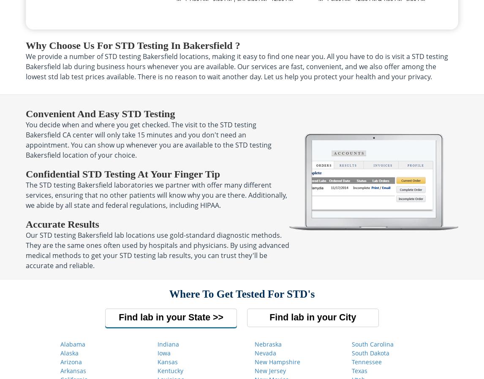 The image size is (484, 379). I want to click on 'Indiana', so click(168, 344).